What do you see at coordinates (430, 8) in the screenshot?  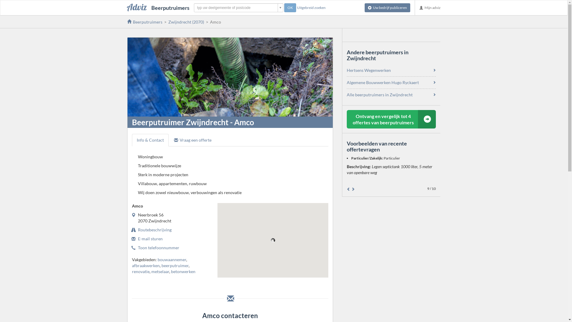 I see `'Mijn adviz'` at bounding box center [430, 8].